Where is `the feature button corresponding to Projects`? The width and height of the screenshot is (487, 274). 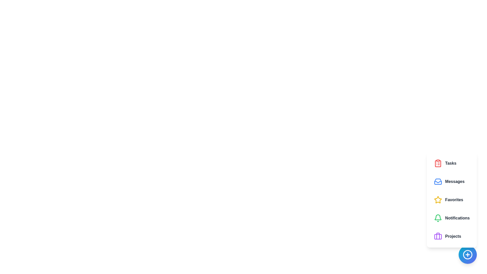 the feature button corresponding to Projects is located at coordinates (451, 236).